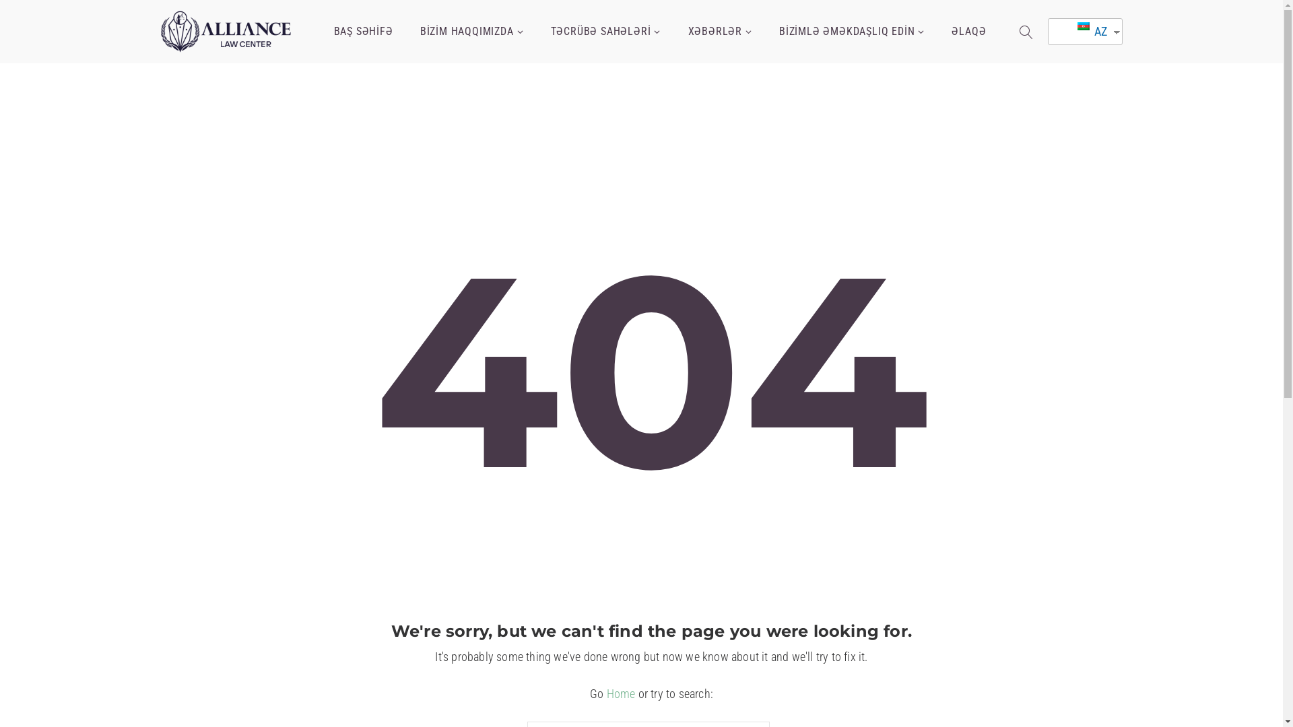 The width and height of the screenshot is (1293, 727). Describe the element at coordinates (620, 693) in the screenshot. I see `'Home'` at that location.